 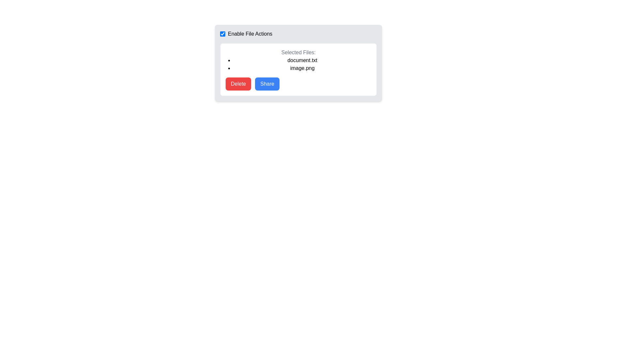 I want to click on the 'File Actions' checkbox, so click(x=298, y=34).